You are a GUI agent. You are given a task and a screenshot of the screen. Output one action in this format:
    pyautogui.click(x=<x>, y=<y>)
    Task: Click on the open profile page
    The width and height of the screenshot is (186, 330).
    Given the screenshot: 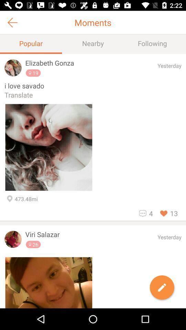 What is the action you would take?
    pyautogui.click(x=13, y=239)
    